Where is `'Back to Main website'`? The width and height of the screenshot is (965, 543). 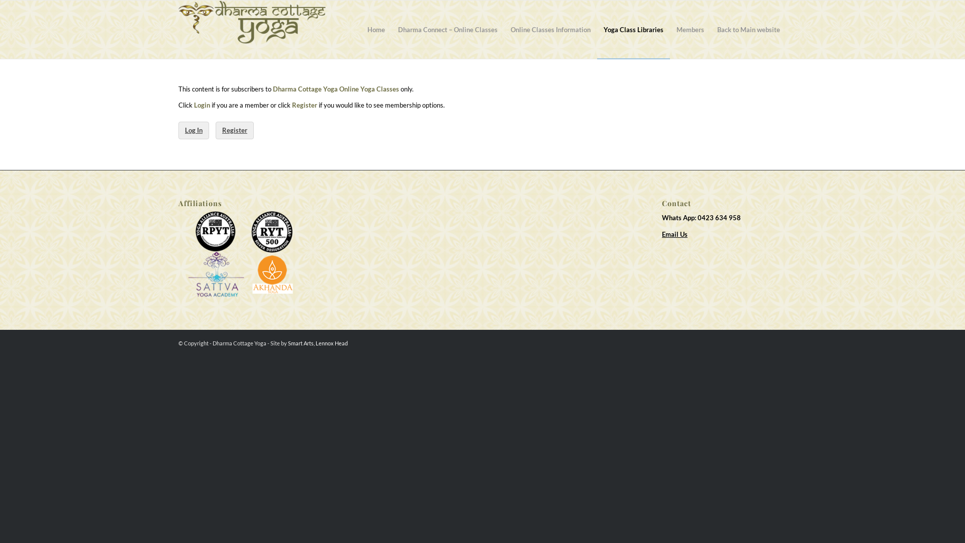
'Back to Main website' is located at coordinates (748, 29).